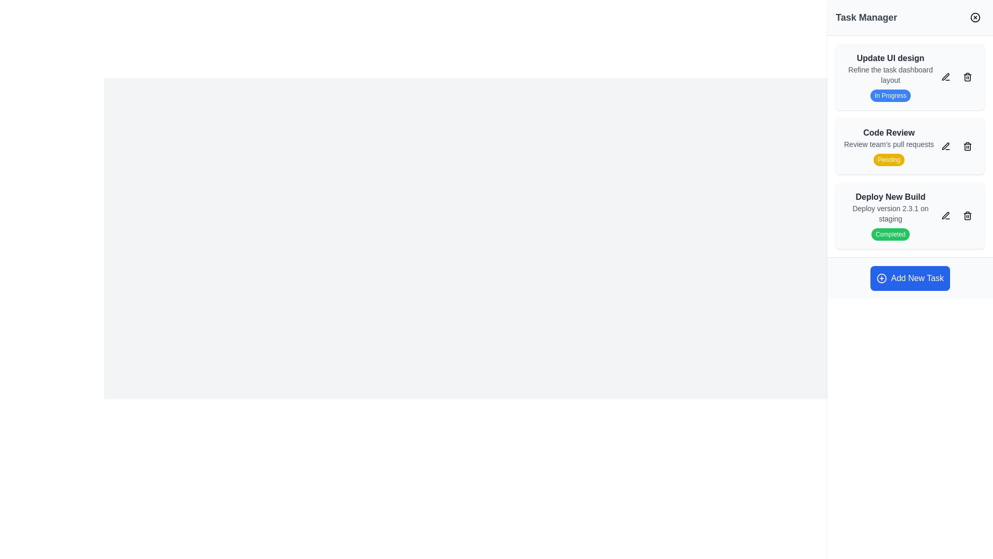 The image size is (993, 559). Describe the element at coordinates (888, 133) in the screenshot. I see `the title text of the central task card in the 'Task Manager' panel for task identification` at that location.